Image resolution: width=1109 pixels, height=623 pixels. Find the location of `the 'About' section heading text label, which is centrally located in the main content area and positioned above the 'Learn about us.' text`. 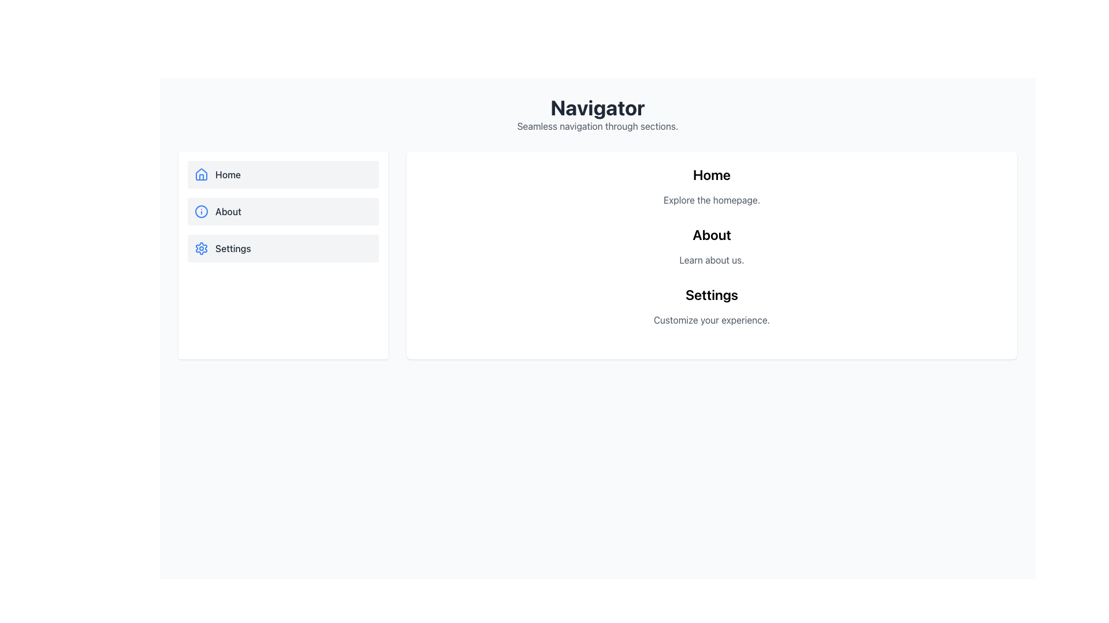

the 'About' section heading text label, which is centrally located in the main content area and positioned above the 'Learn about us.' text is located at coordinates (711, 234).